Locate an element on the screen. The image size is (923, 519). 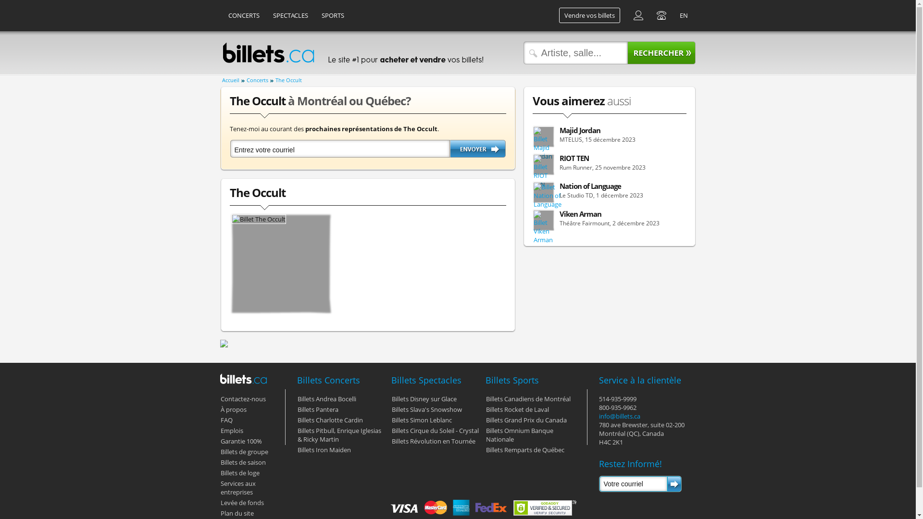
'Vendre vos billets' is located at coordinates (553, 15).